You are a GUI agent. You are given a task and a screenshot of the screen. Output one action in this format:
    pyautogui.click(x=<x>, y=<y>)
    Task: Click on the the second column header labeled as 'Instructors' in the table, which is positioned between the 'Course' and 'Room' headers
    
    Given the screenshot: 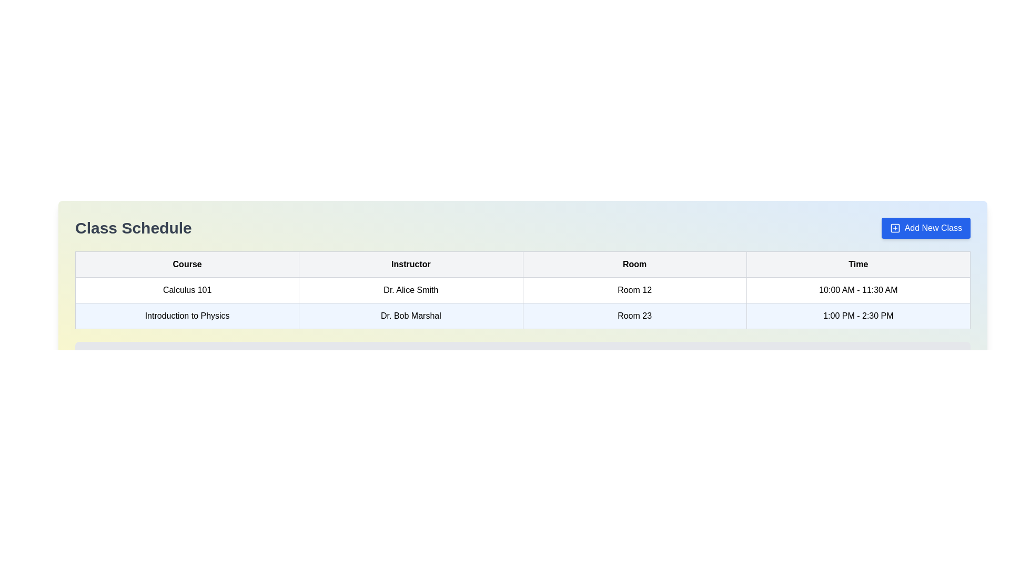 What is the action you would take?
    pyautogui.click(x=410, y=263)
    